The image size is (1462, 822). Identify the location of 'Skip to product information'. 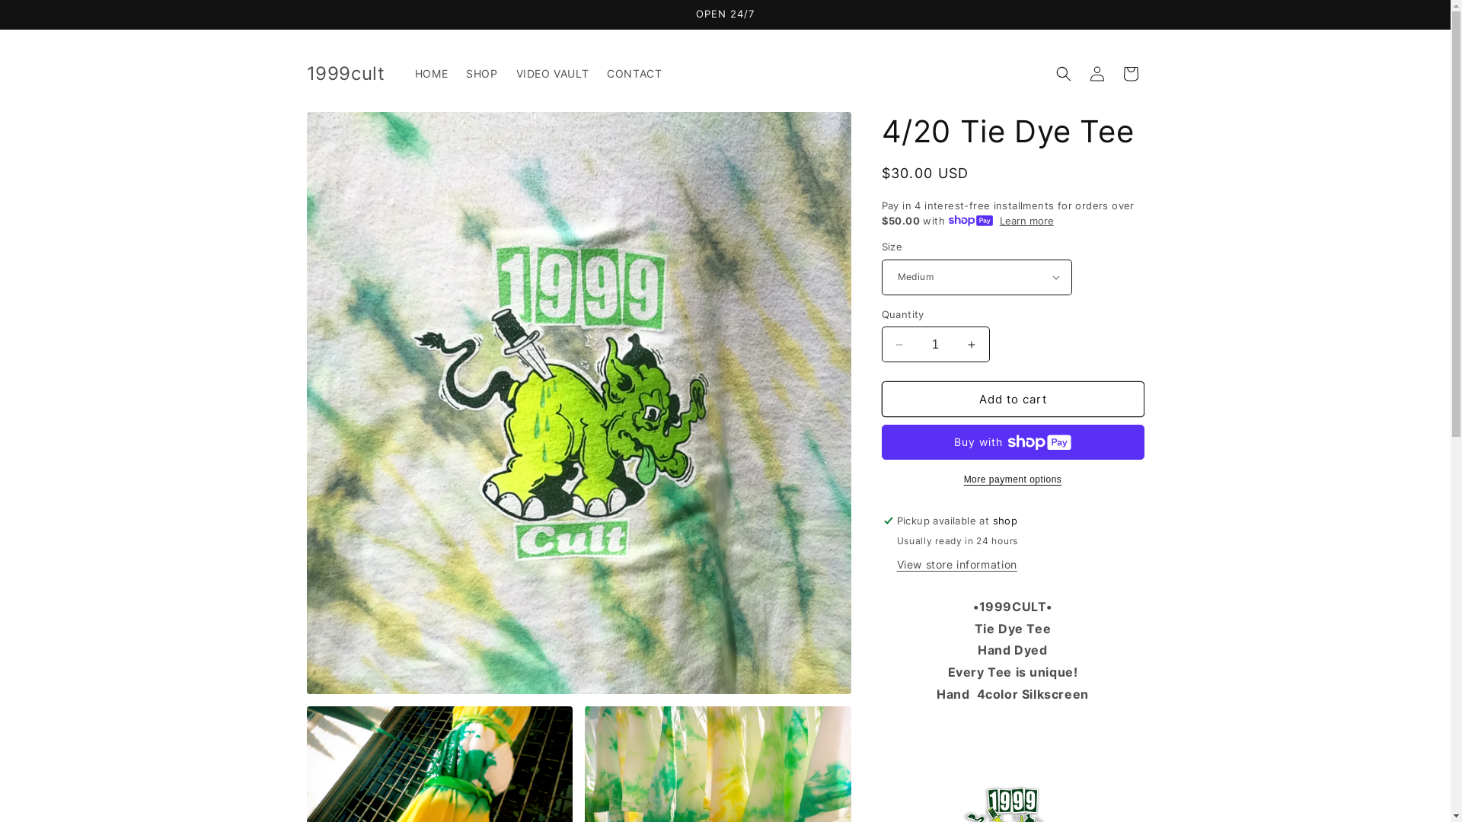
(351, 128).